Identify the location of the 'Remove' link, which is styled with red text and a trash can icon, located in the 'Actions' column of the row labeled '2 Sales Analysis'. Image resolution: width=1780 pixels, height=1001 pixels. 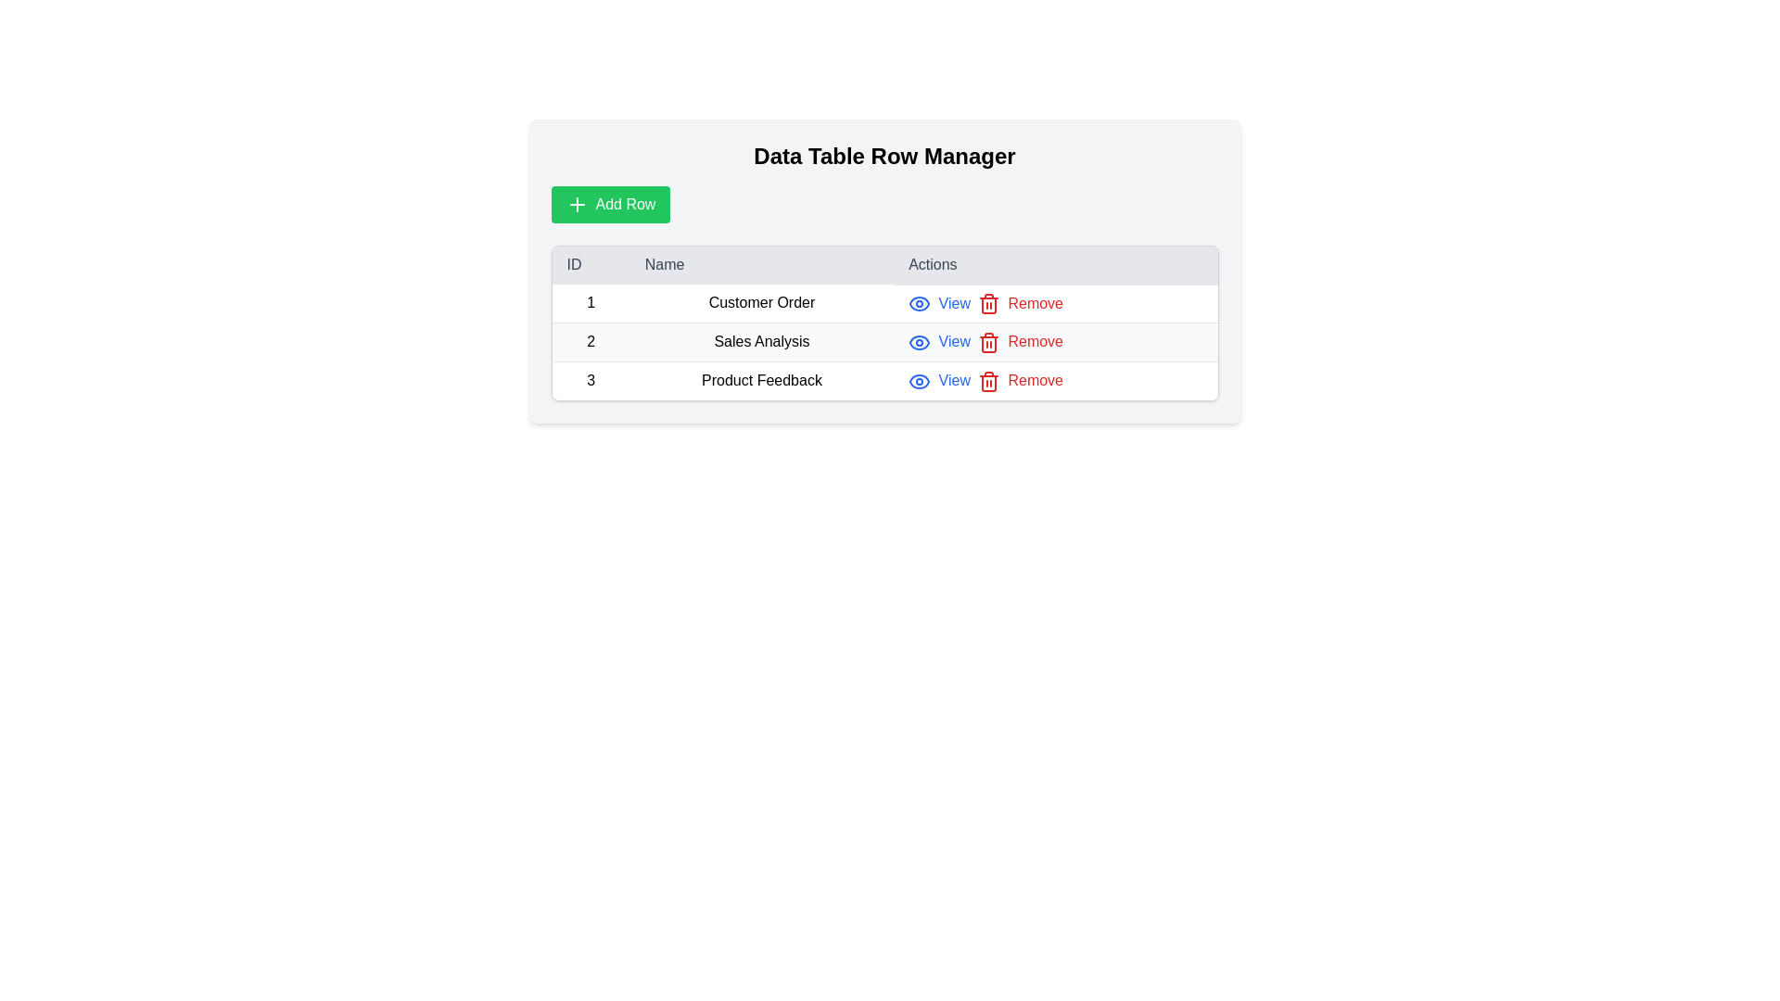
(1055, 342).